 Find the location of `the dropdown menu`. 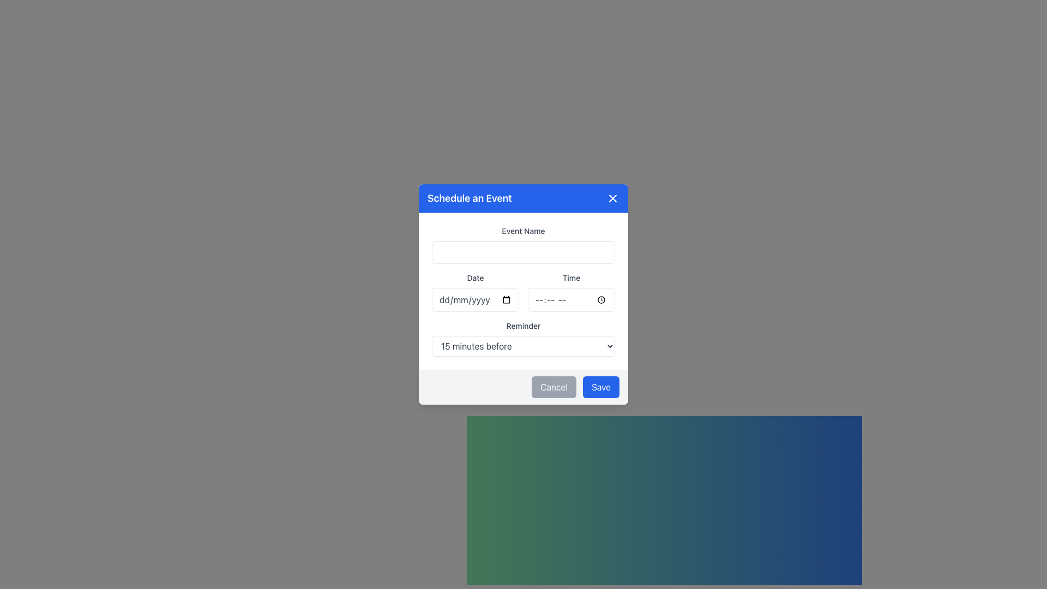

the dropdown menu is located at coordinates (523, 338).